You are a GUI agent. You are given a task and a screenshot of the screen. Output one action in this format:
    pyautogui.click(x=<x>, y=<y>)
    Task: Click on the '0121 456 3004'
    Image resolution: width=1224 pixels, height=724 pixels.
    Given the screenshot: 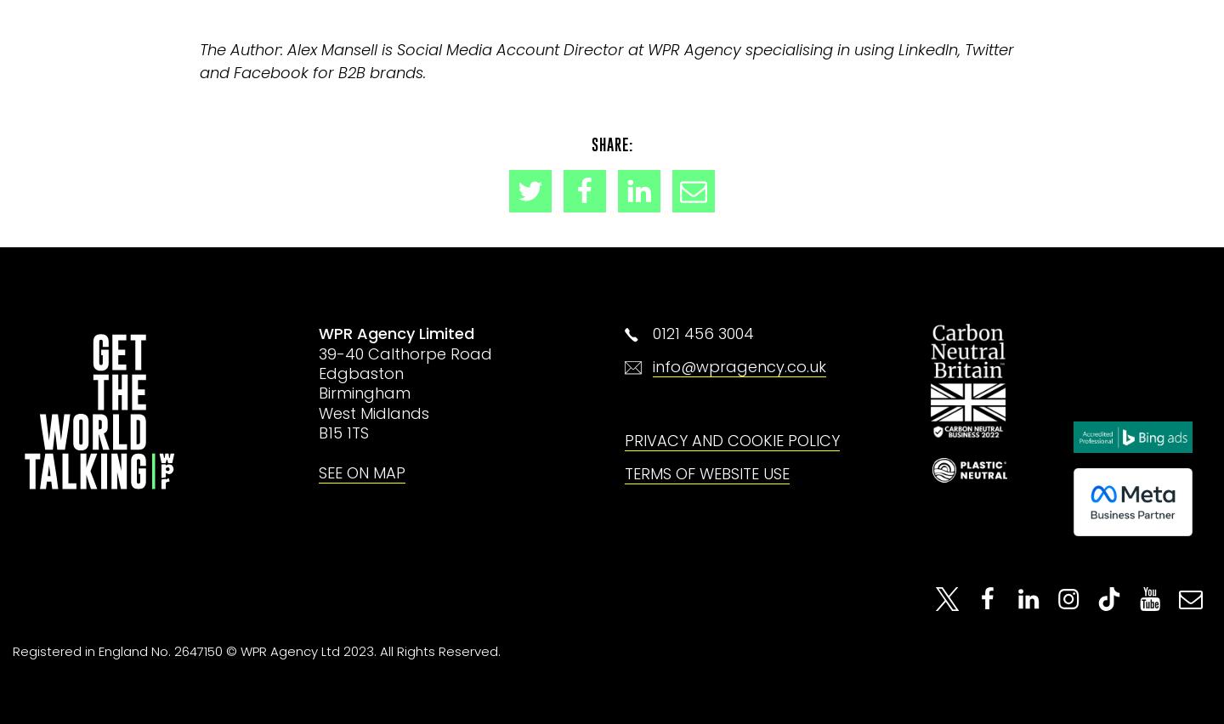 What is the action you would take?
    pyautogui.click(x=703, y=333)
    